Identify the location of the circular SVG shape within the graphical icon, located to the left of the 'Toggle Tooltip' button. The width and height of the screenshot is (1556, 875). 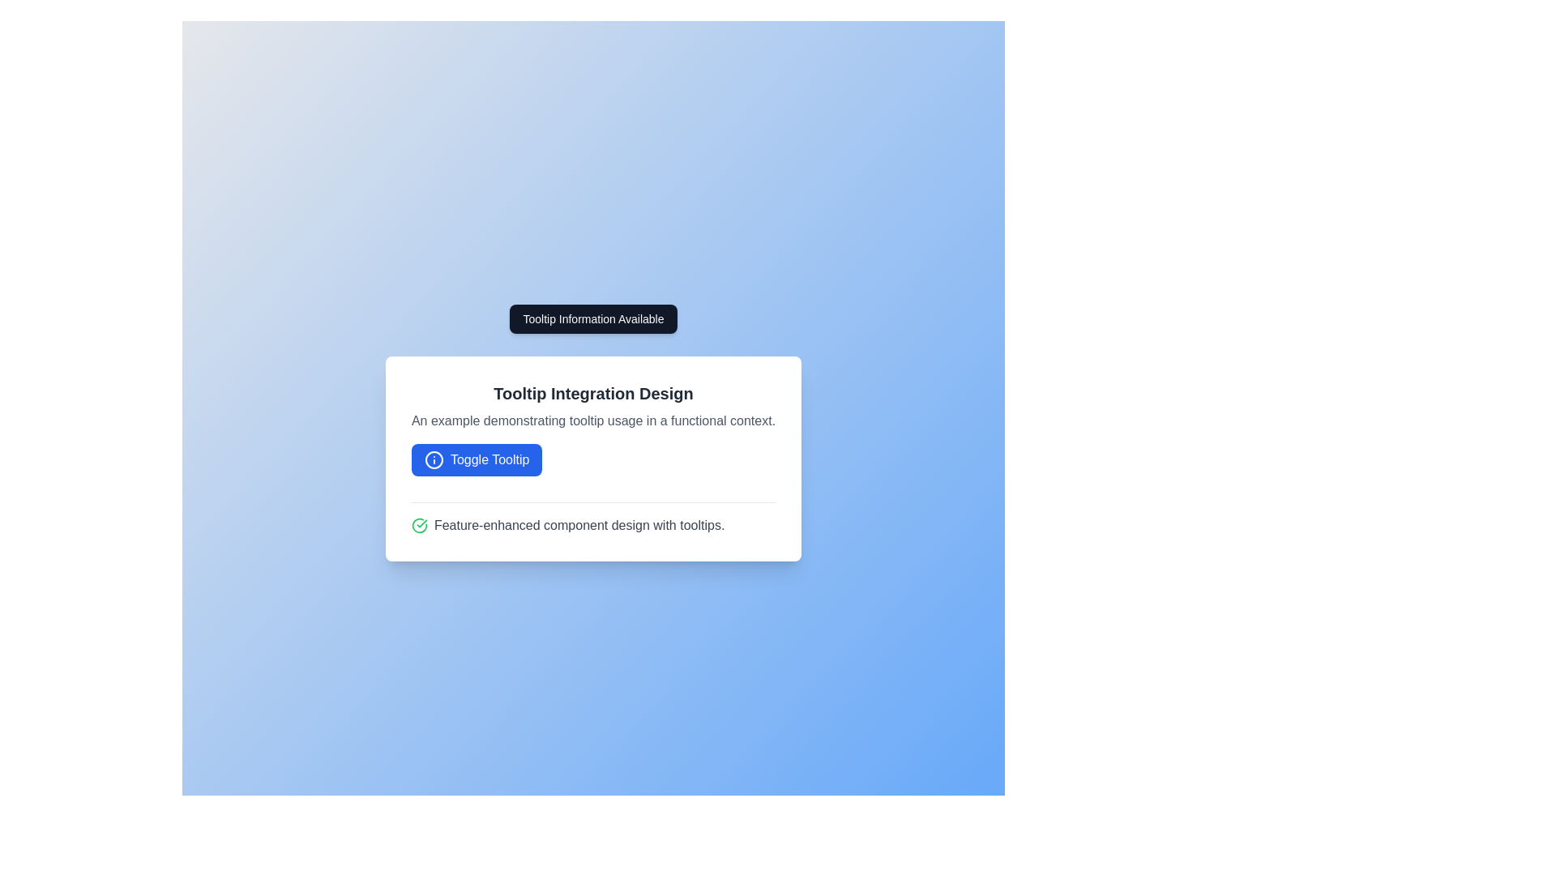
(434, 459).